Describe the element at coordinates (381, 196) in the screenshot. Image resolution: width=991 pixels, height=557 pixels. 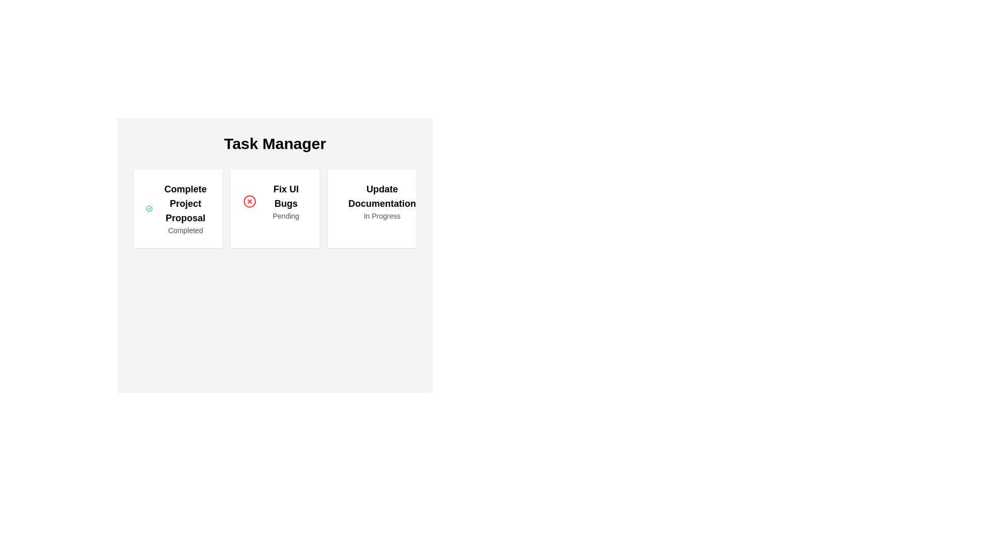
I see `the 'Update Documentation' text label, which is styled in a large bold font and located at the top of the rightmost card under the 'Task Manager' heading` at that location.